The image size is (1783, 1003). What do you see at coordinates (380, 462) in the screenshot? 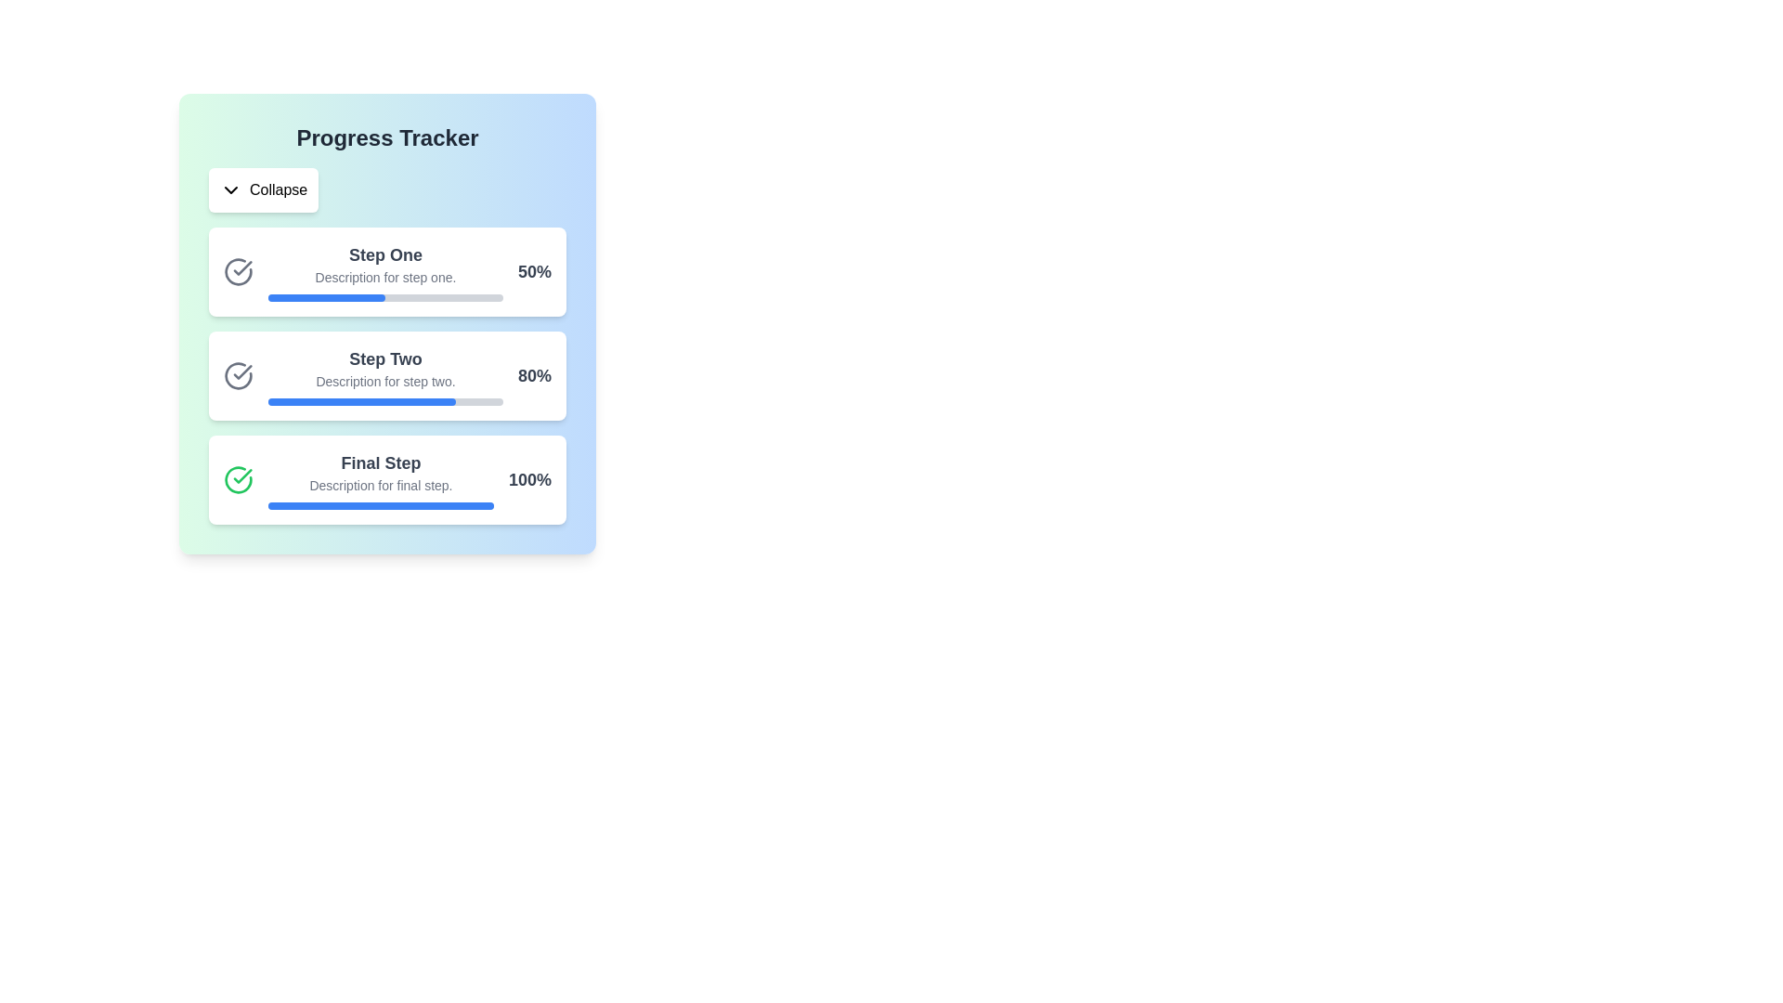
I see `the 'Final Step' text label element, which is styled with bold, large-sized, dark gray text and positioned in the final step of a progress tracker` at bounding box center [380, 462].